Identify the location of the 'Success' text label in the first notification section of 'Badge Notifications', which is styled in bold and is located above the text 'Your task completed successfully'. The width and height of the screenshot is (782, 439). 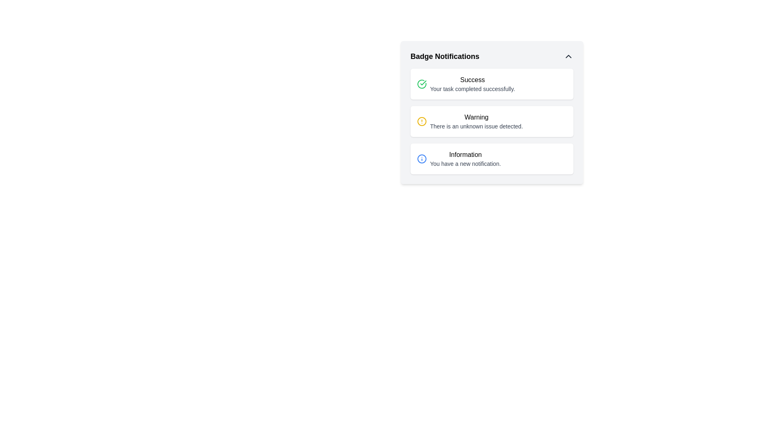
(472, 80).